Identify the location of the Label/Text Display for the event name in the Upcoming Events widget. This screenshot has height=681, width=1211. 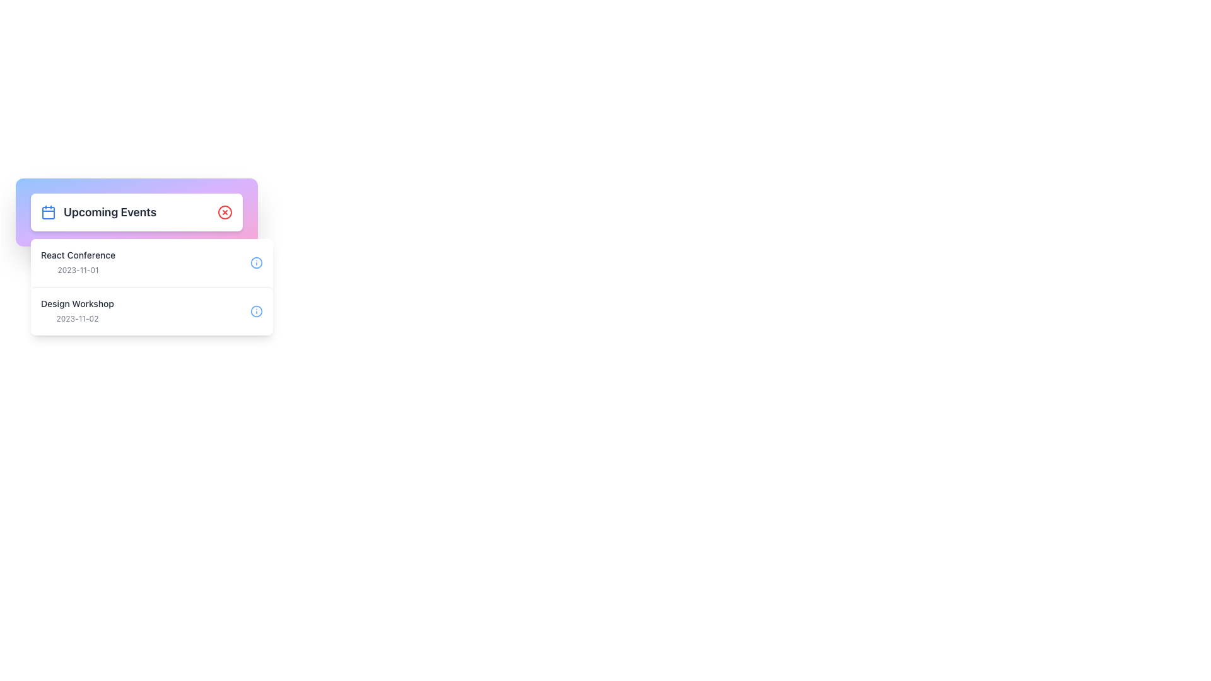
(76, 304).